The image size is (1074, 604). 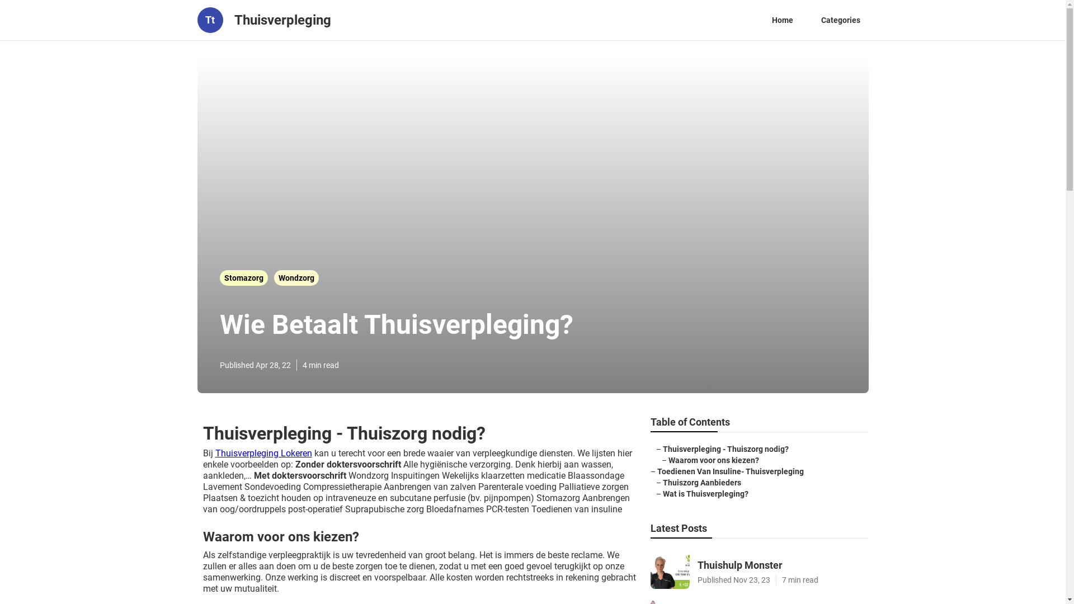 I want to click on 'Wat is Thuisverpleging?', so click(x=662, y=493).